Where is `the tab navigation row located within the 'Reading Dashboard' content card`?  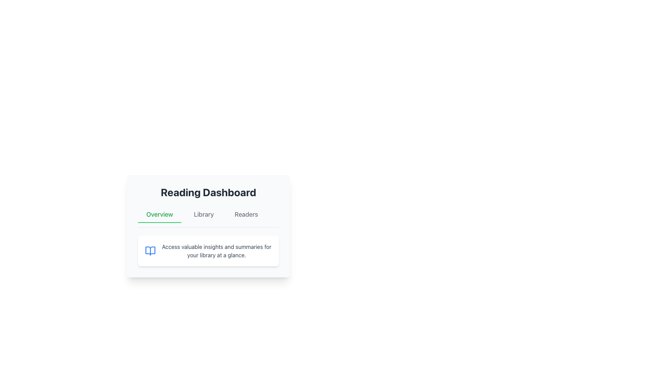 the tab navigation row located within the 'Reading Dashboard' content card is located at coordinates (208, 226).